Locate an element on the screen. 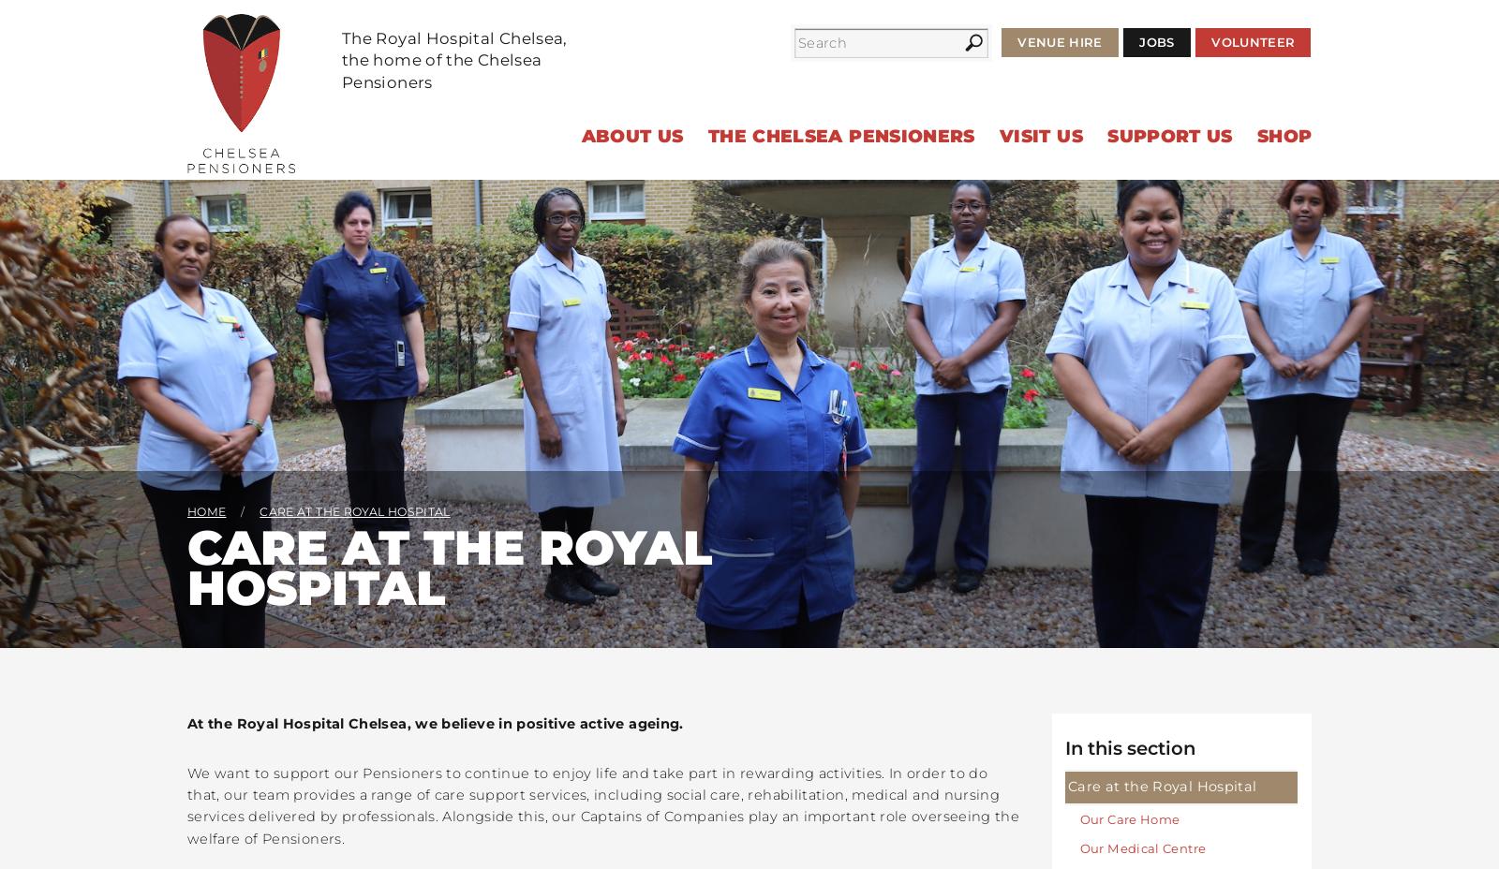  'In this section' is located at coordinates (1129, 745).